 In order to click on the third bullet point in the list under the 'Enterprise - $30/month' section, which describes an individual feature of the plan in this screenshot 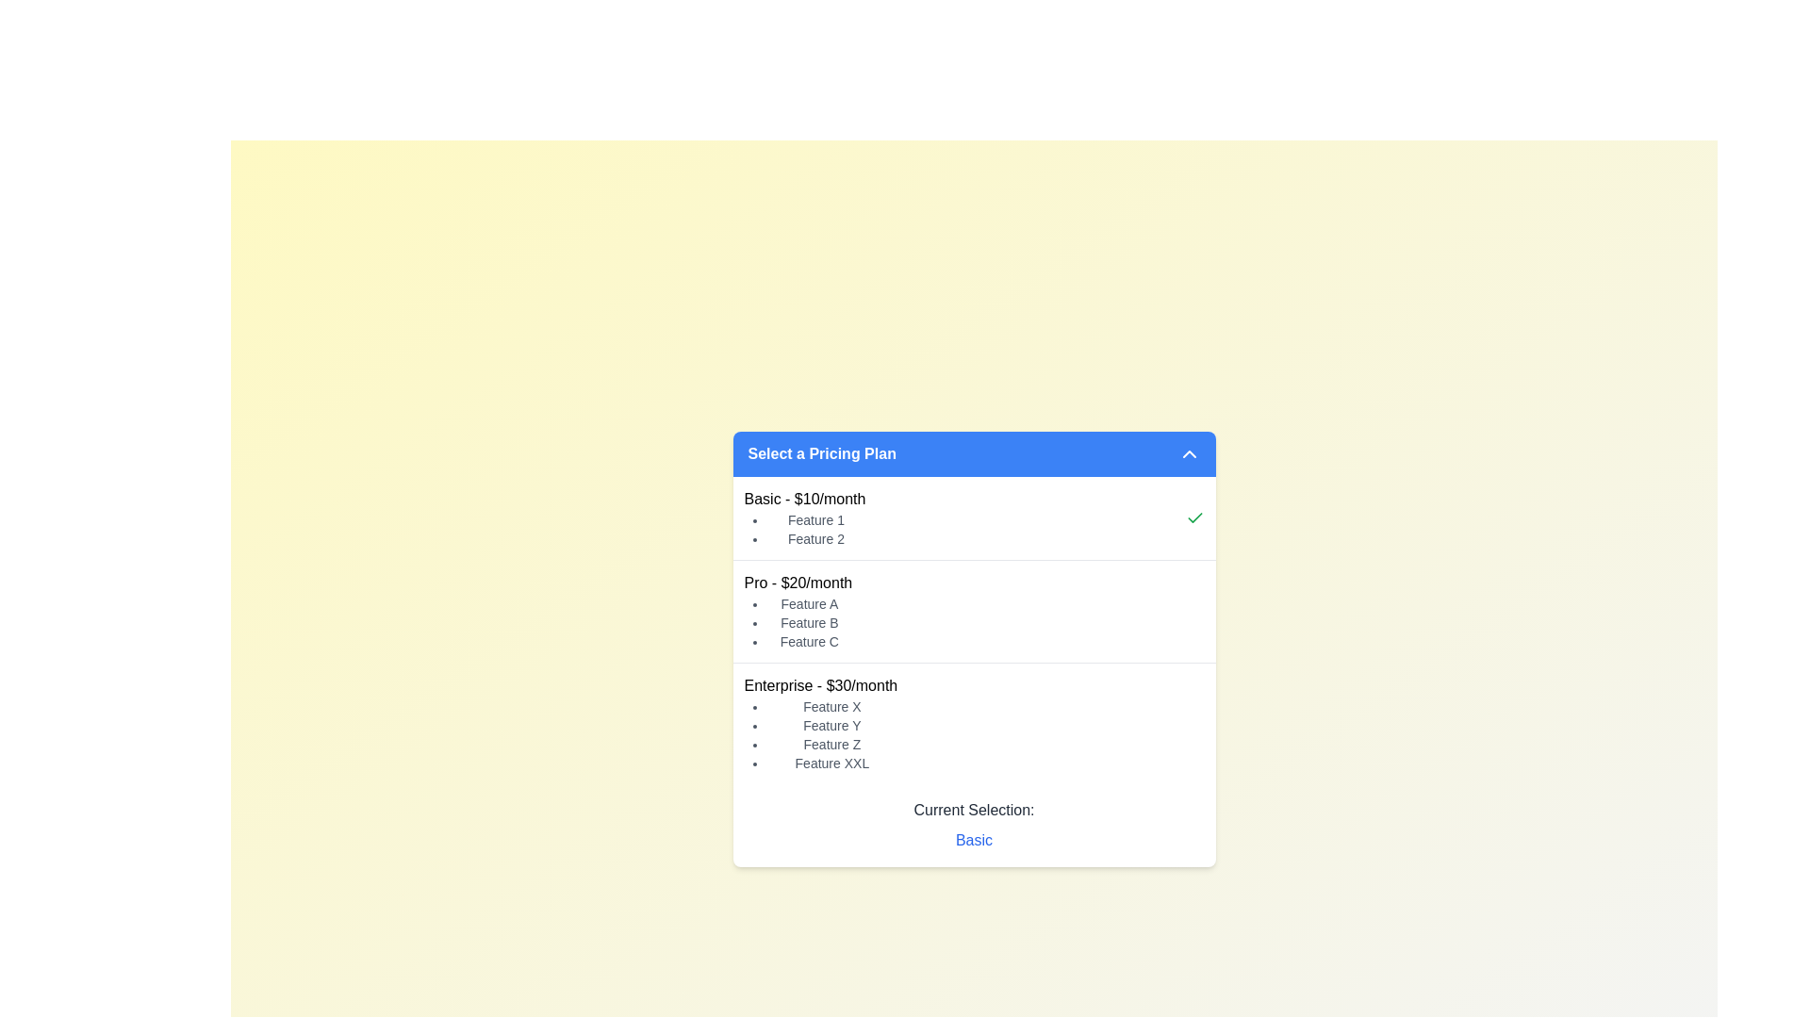, I will do `click(831, 744)`.